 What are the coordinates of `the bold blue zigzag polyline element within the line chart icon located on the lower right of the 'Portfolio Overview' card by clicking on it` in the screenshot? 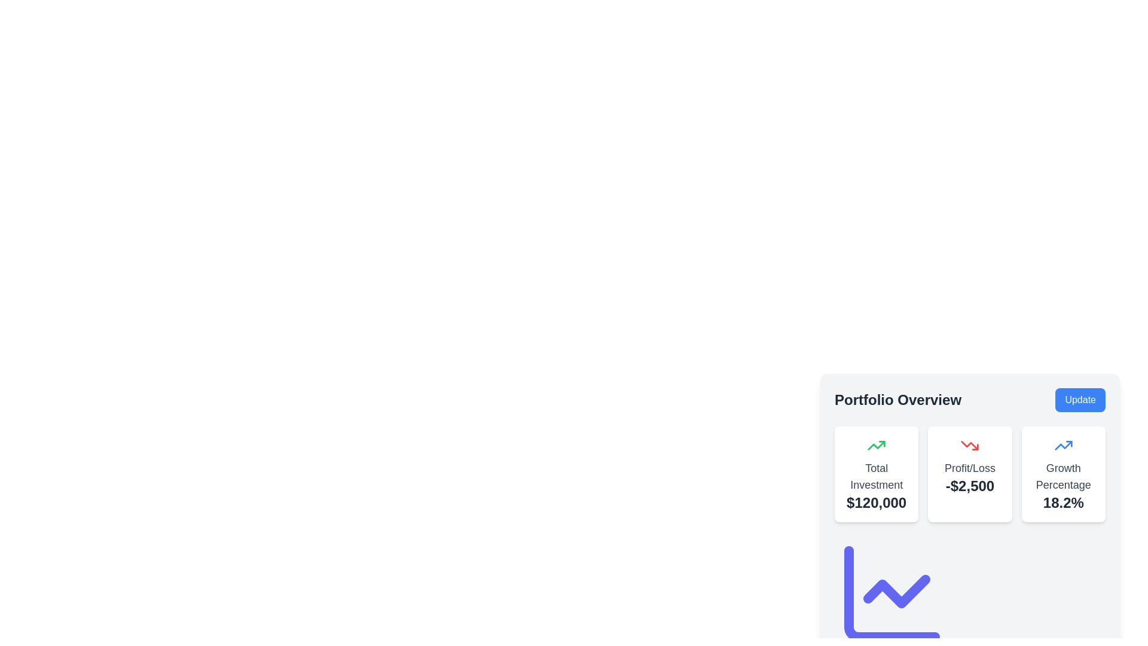 It's located at (1063, 445).